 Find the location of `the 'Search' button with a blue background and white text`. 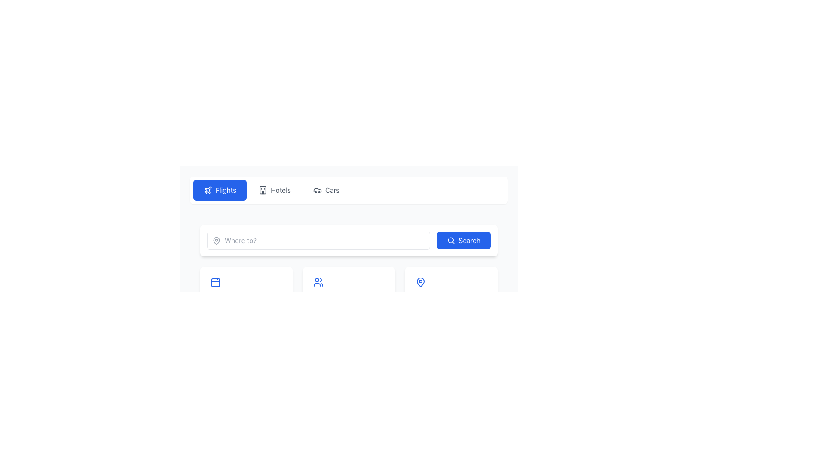

the 'Search' button with a blue background and white text is located at coordinates (463, 240).